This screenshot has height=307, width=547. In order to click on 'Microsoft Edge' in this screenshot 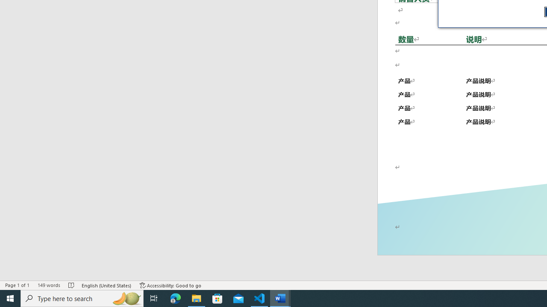, I will do `click(175, 298)`.